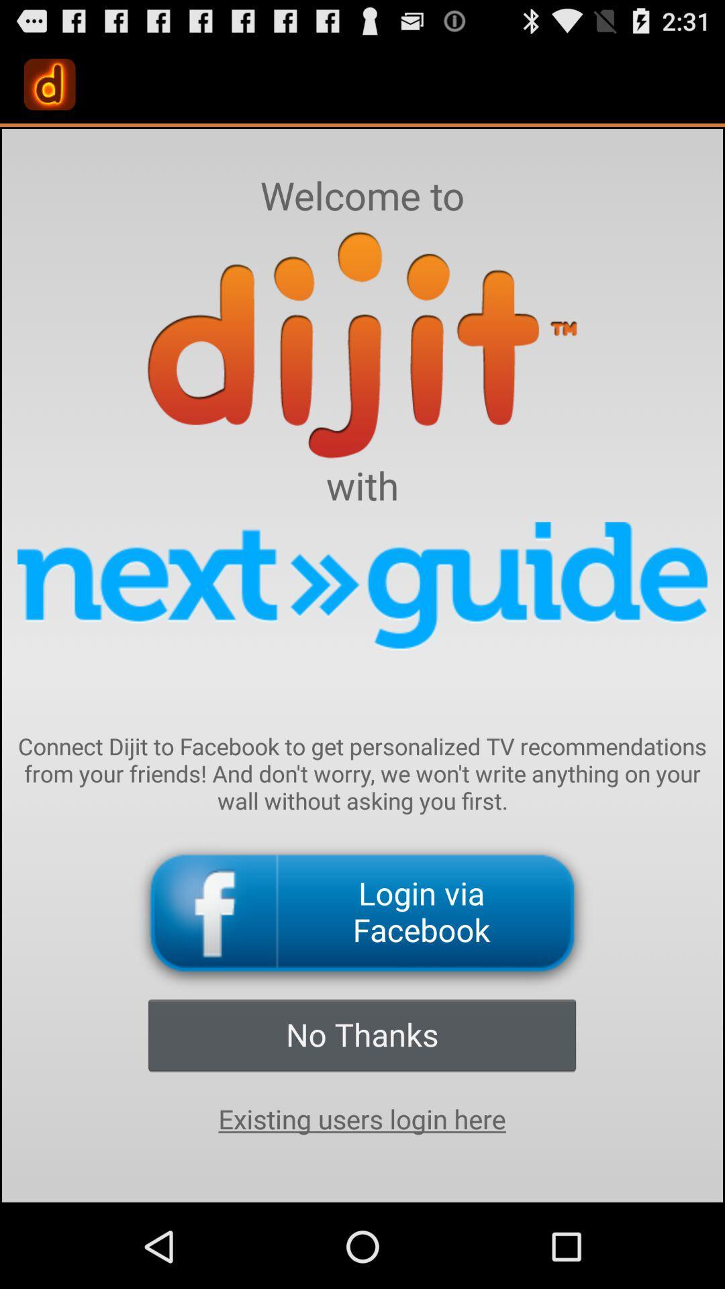  What do you see at coordinates (362, 913) in the screenshot?
I see `item below the connect dijit to app` at bounding box center [362, 913].